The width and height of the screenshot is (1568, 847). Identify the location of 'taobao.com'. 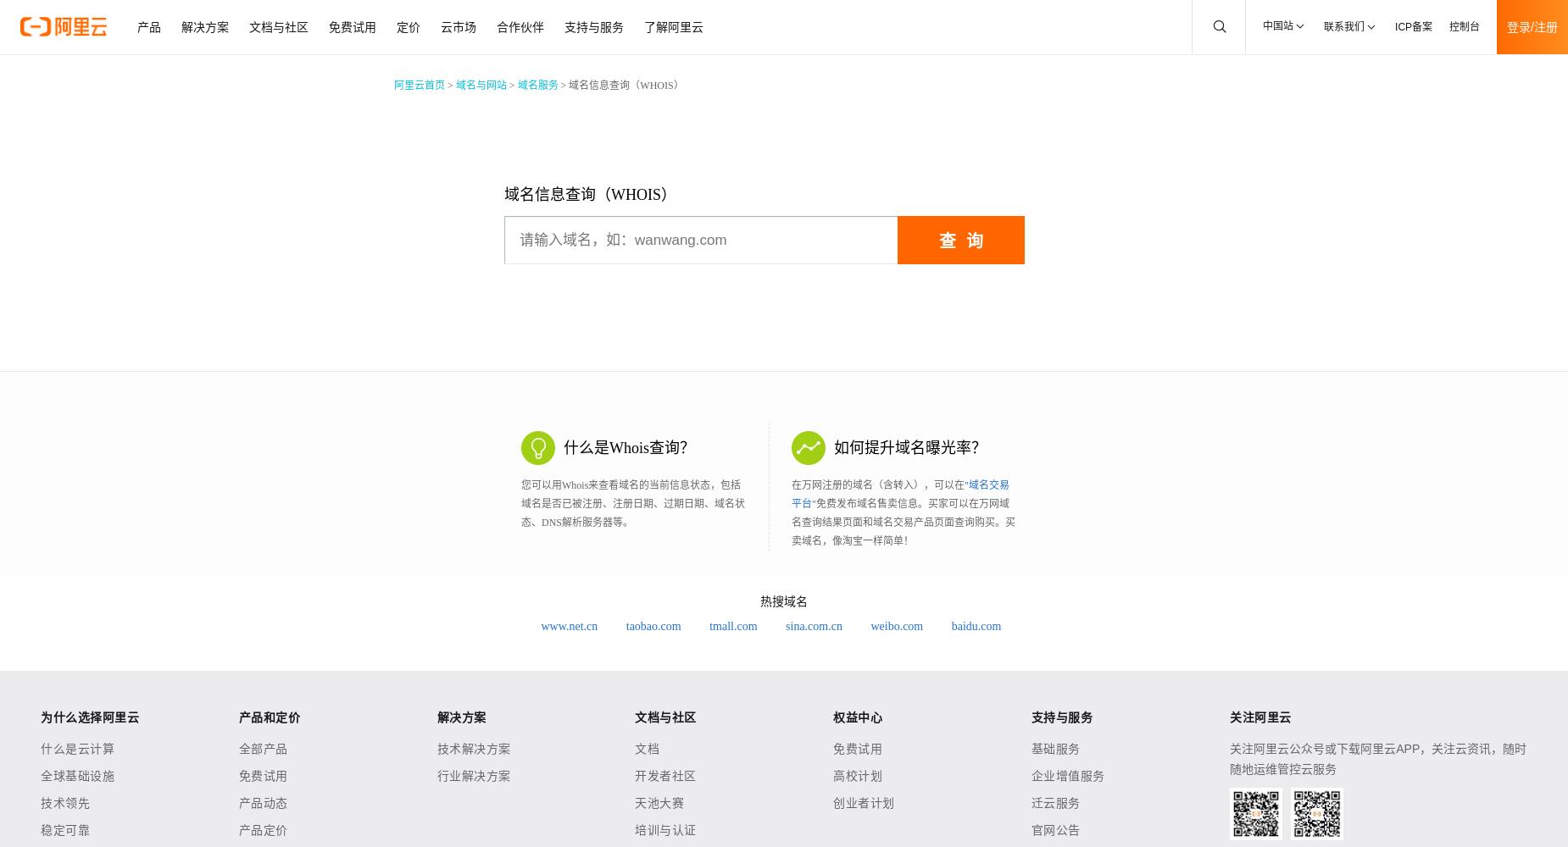
(653, 625).